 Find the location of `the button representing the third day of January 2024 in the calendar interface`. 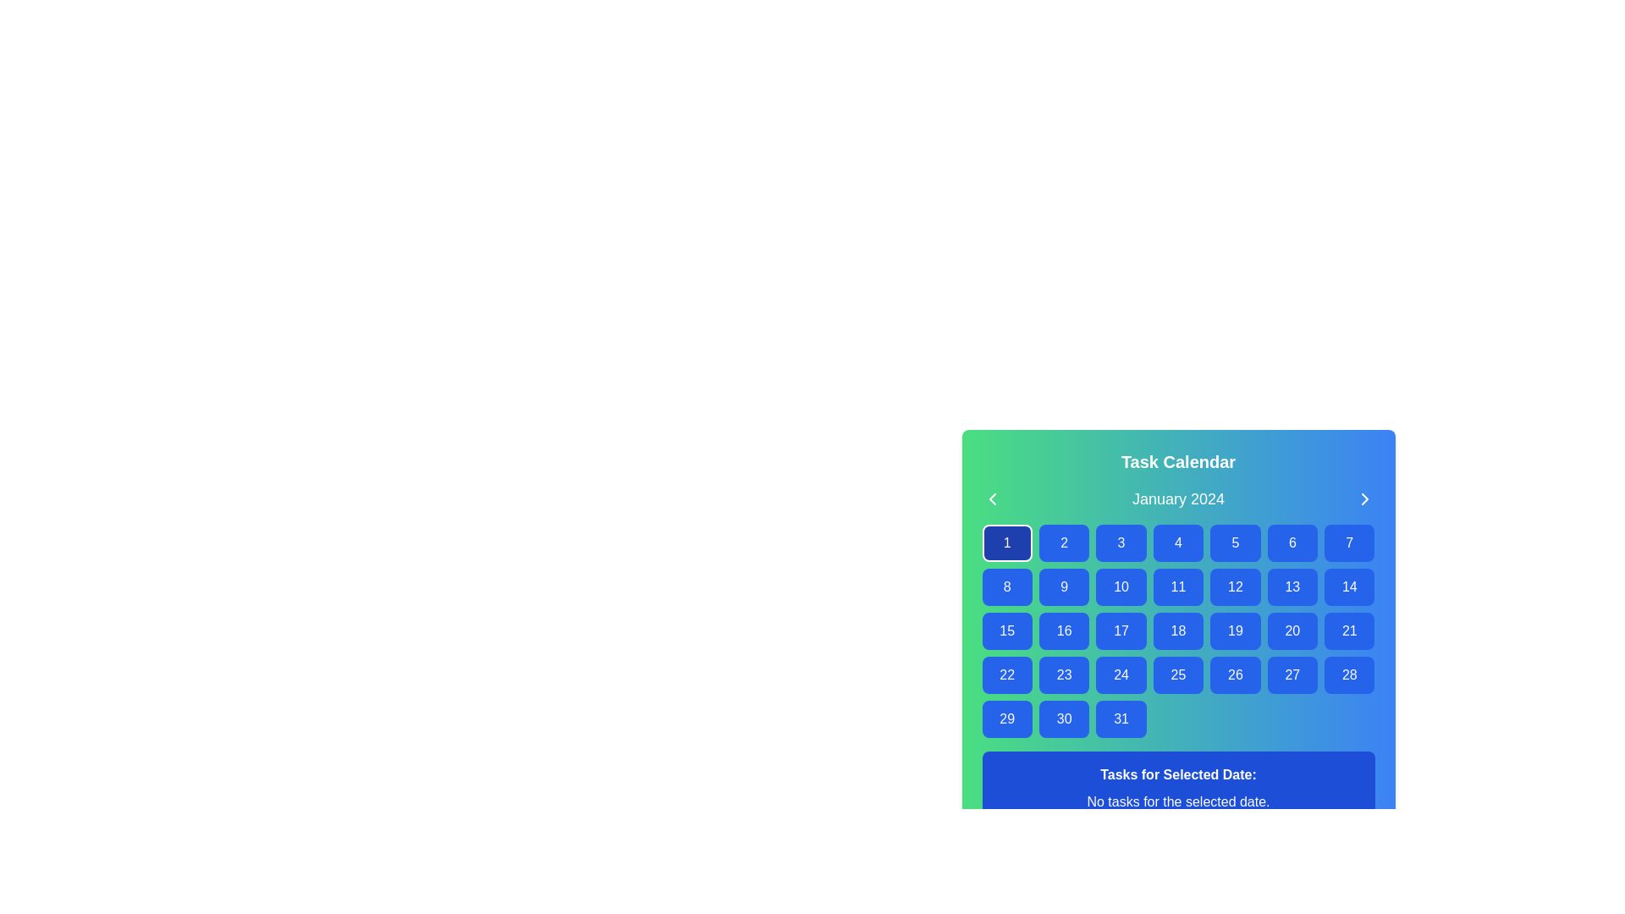

the button representing the third day of January 2024 in the calendar interface is located at coordinates (1121, 542).